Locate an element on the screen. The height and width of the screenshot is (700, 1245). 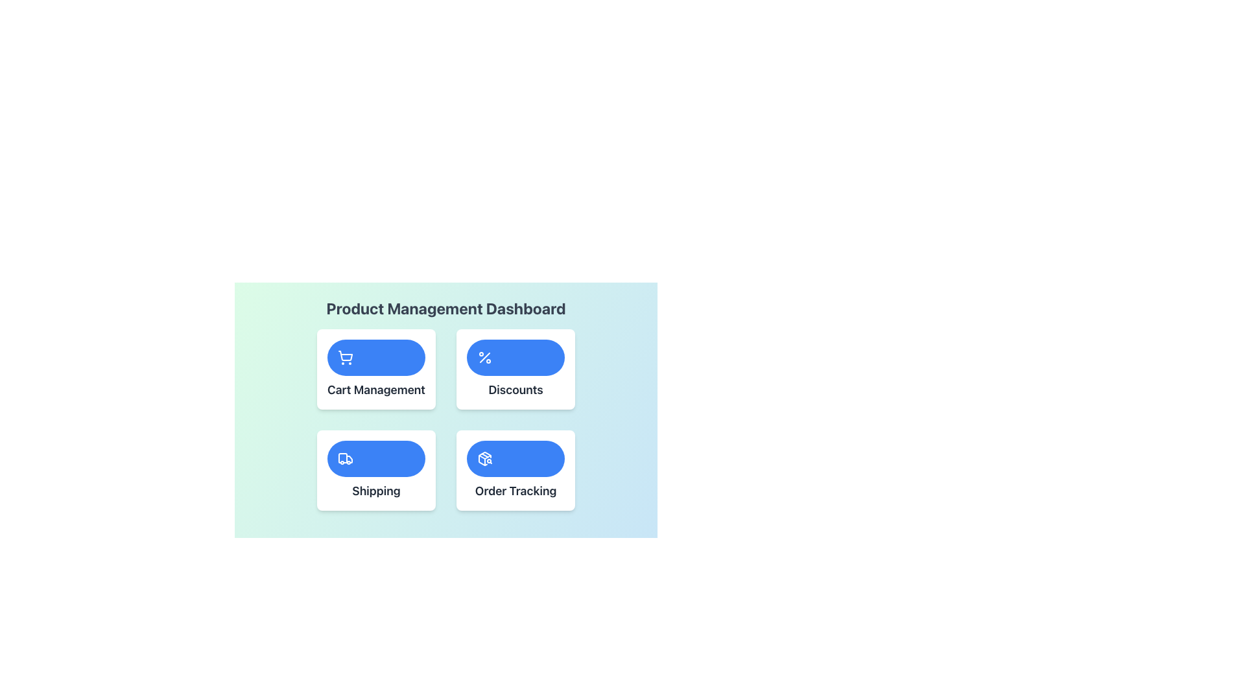
the 'Order Tracking' text label, which is in bold, large gray font at the bottom center of a white rectangular card in the bottom-right corner of the grid layout is located at coordinates (515, 491).